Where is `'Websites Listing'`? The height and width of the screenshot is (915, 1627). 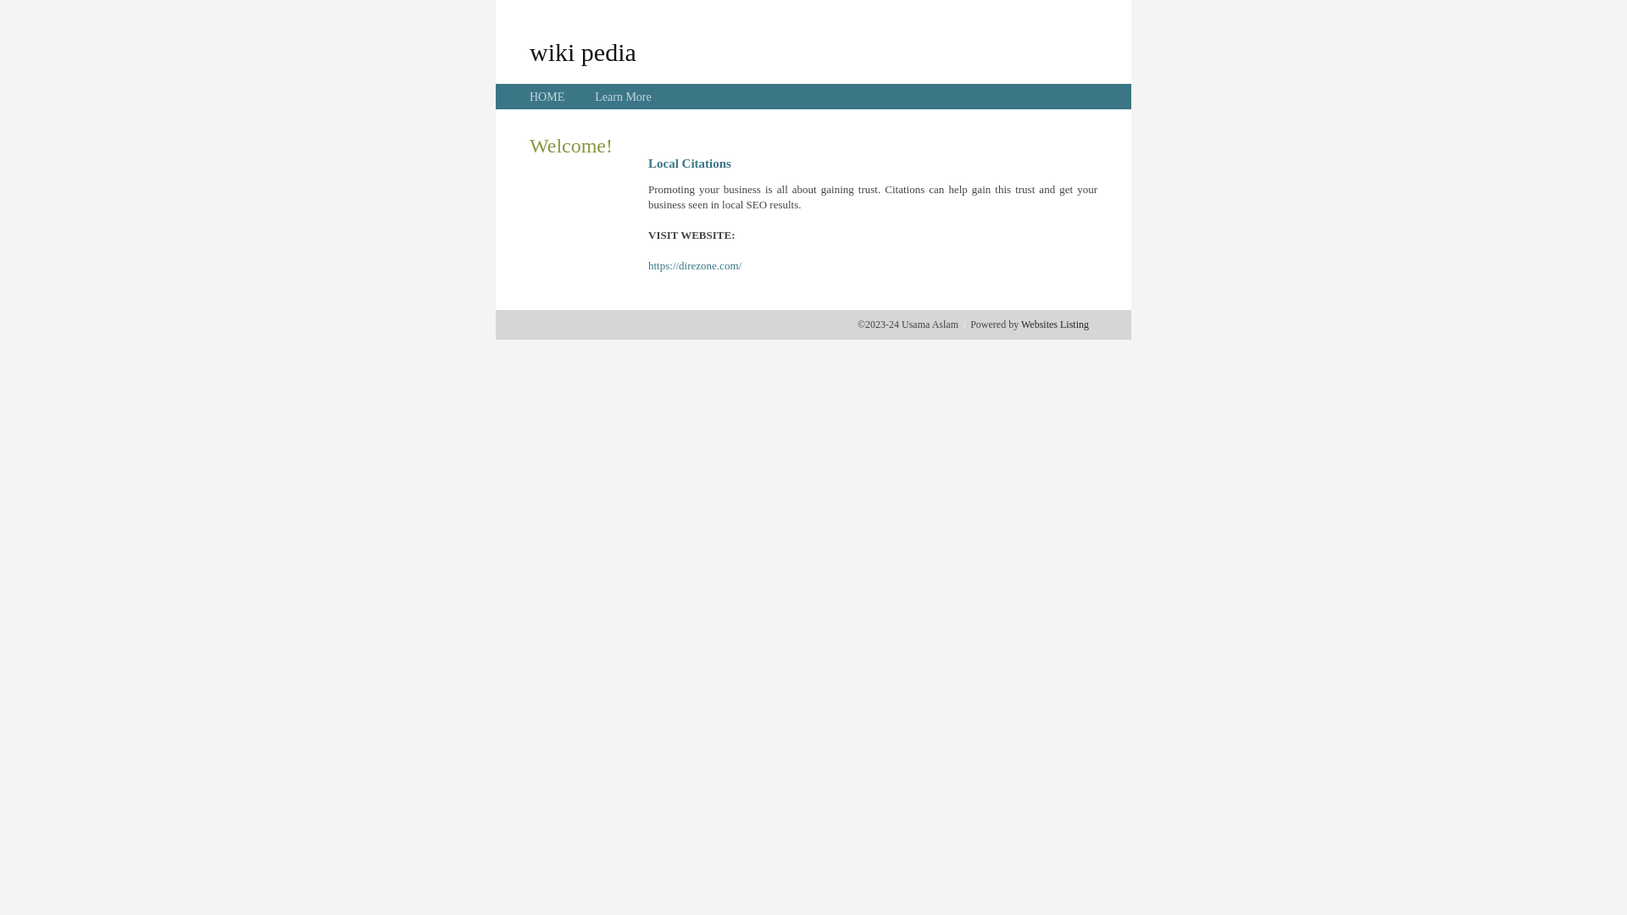 'Websites Listing' is located at coordinates (1053, 324).